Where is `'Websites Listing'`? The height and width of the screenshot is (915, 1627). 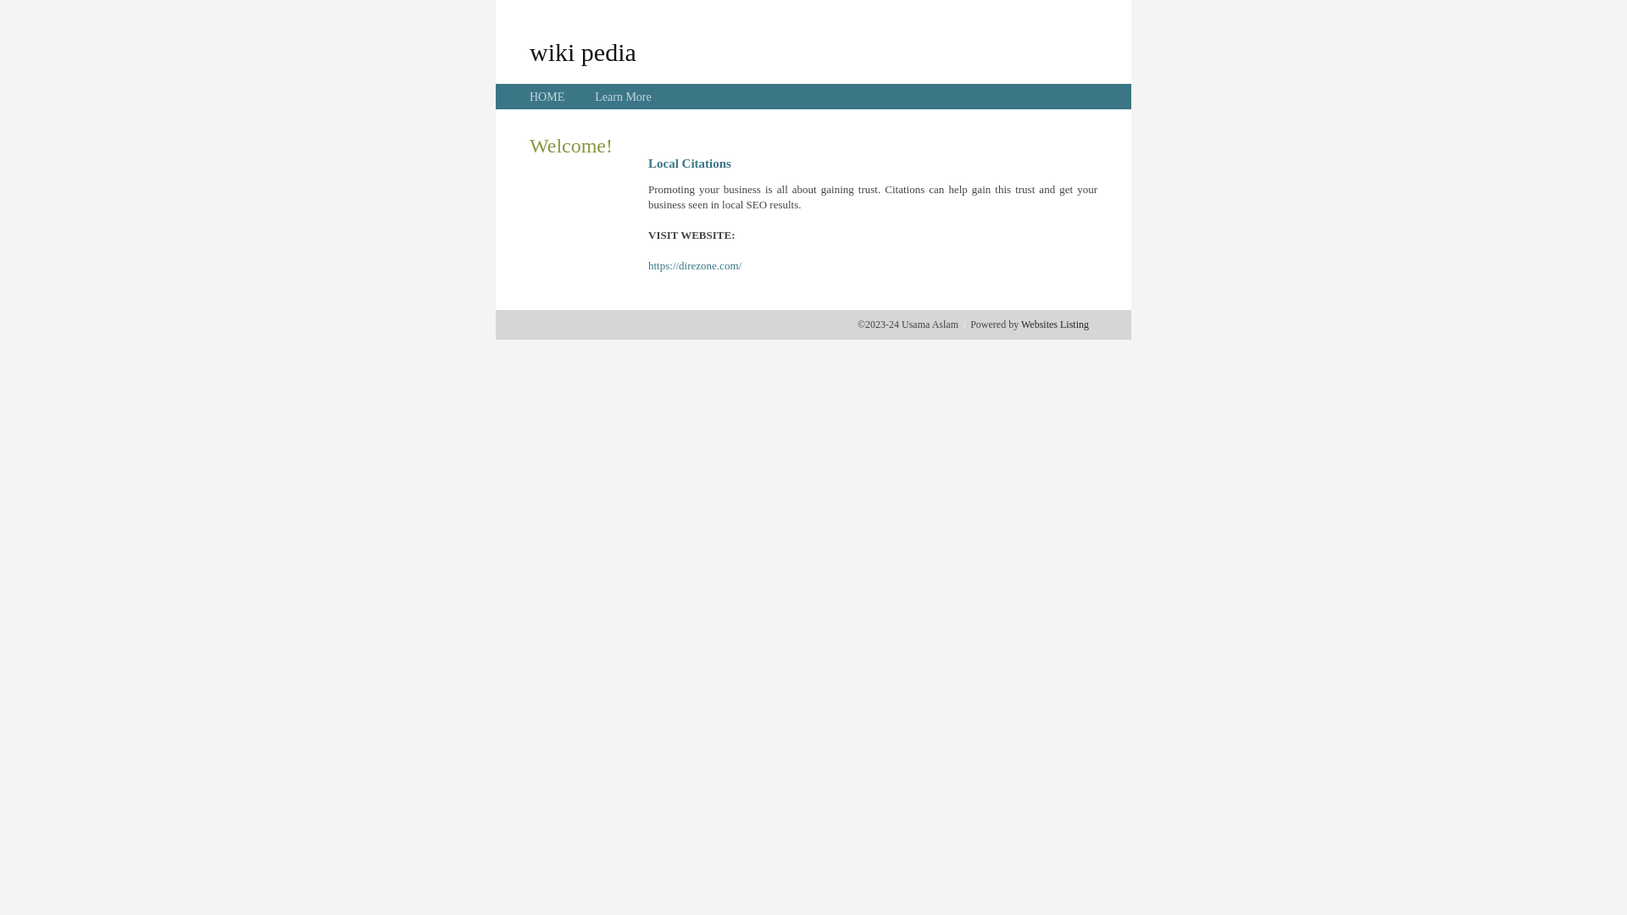 'Websites Listing' is located at coordinates (1053, 324).